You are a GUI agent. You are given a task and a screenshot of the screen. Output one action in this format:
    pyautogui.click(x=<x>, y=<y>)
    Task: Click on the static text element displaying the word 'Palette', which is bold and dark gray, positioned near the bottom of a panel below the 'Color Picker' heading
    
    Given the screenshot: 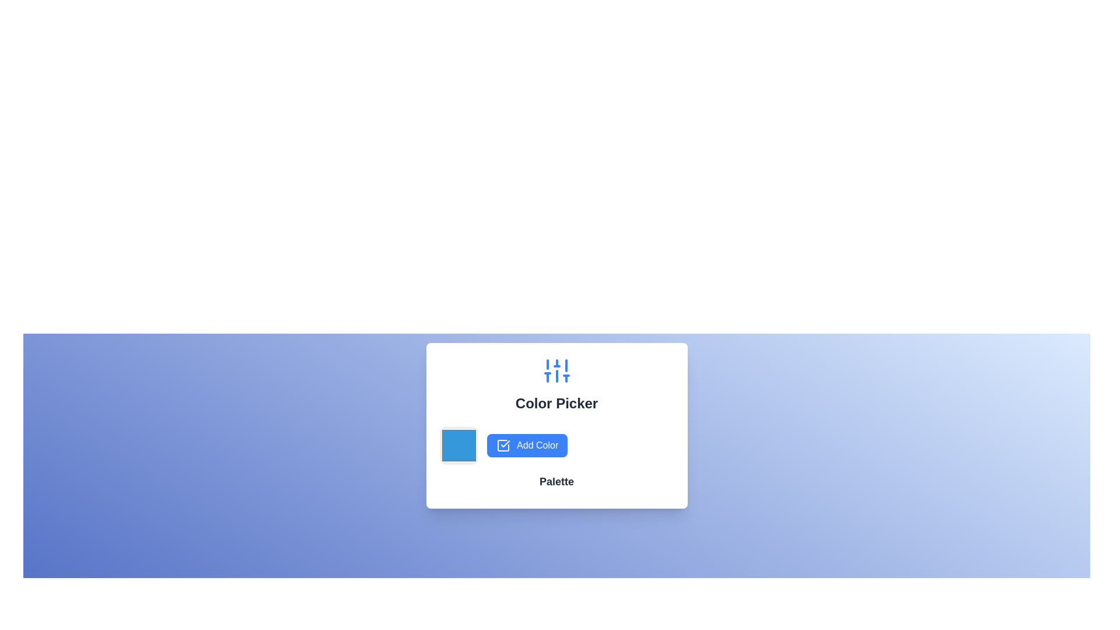 What is the action you would take?
    pyautogui.click(x=556, y=481)
    